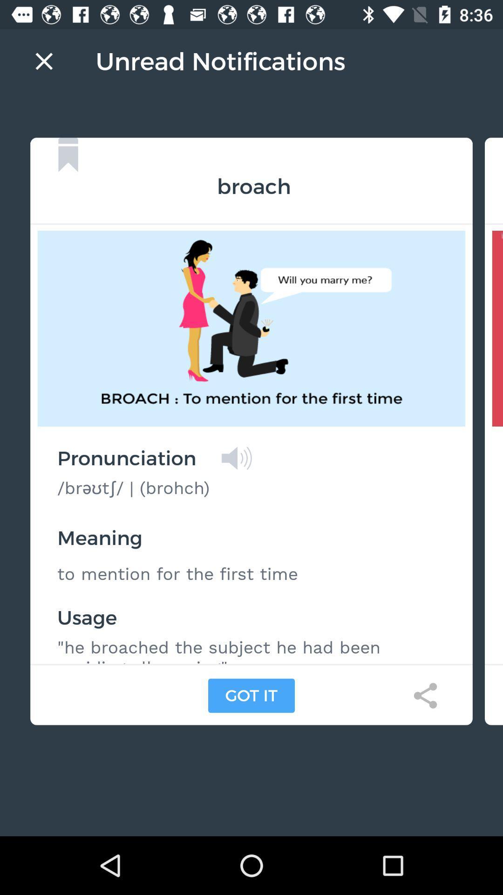 The image size is (503, 895). Describe the element at coordinates (44, 61) in the screenshot. I see `the close icon` at that location.